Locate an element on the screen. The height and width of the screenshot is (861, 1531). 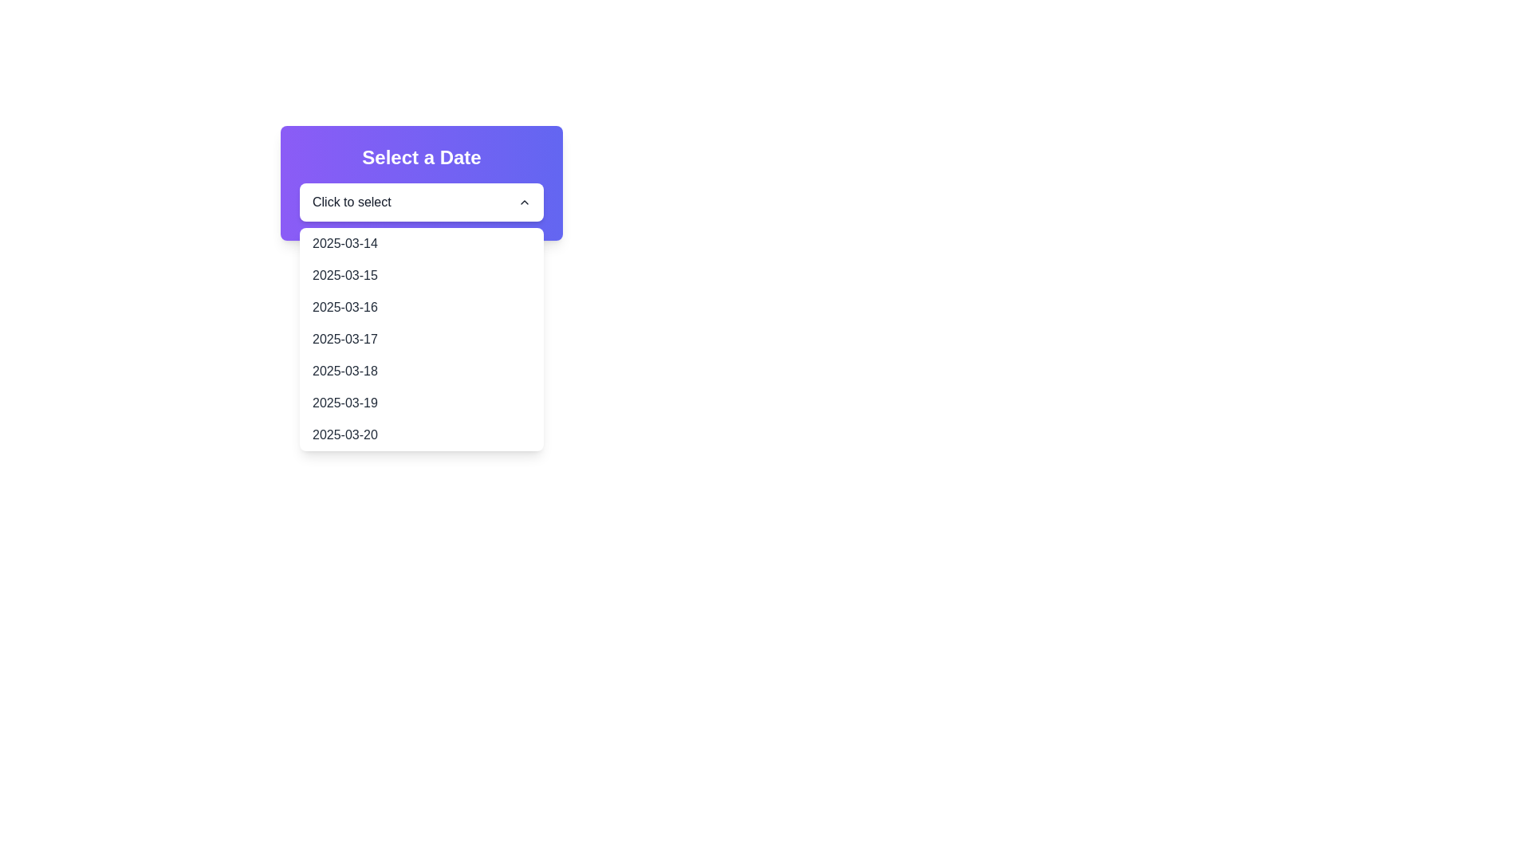
the static text label inside the dropdown that indicates the current selected state and prompts the user to make a selection is located at coordinates (351, 202).